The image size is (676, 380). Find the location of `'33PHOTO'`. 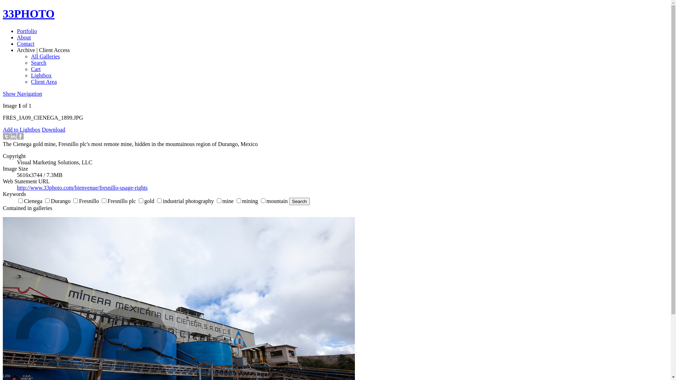

'33PHOTO' is located at coordinates (28, 13).